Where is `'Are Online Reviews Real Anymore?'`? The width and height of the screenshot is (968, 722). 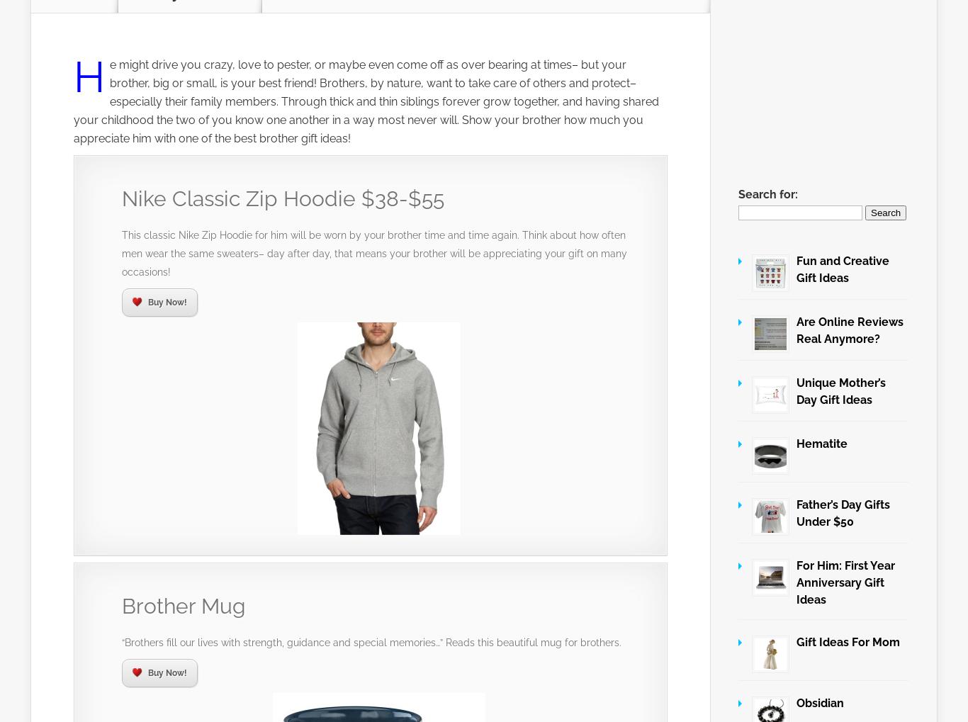 'Are Online Reviews Real Anymore?' is located at coordinates (850, 329).